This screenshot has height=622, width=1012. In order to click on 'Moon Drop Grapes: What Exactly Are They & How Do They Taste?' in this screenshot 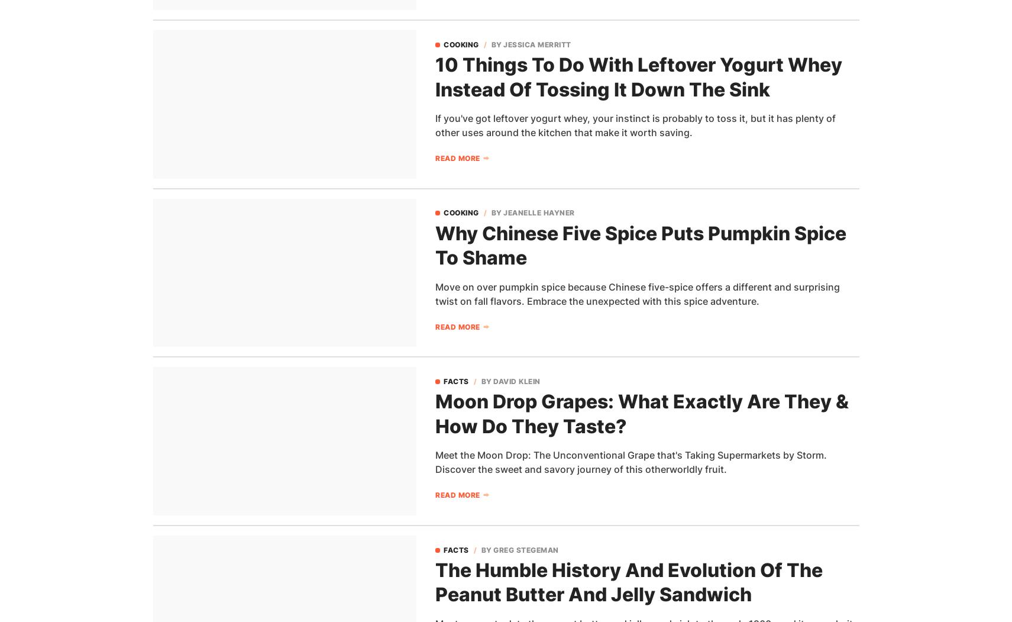, I will do `click(642, 413)`.